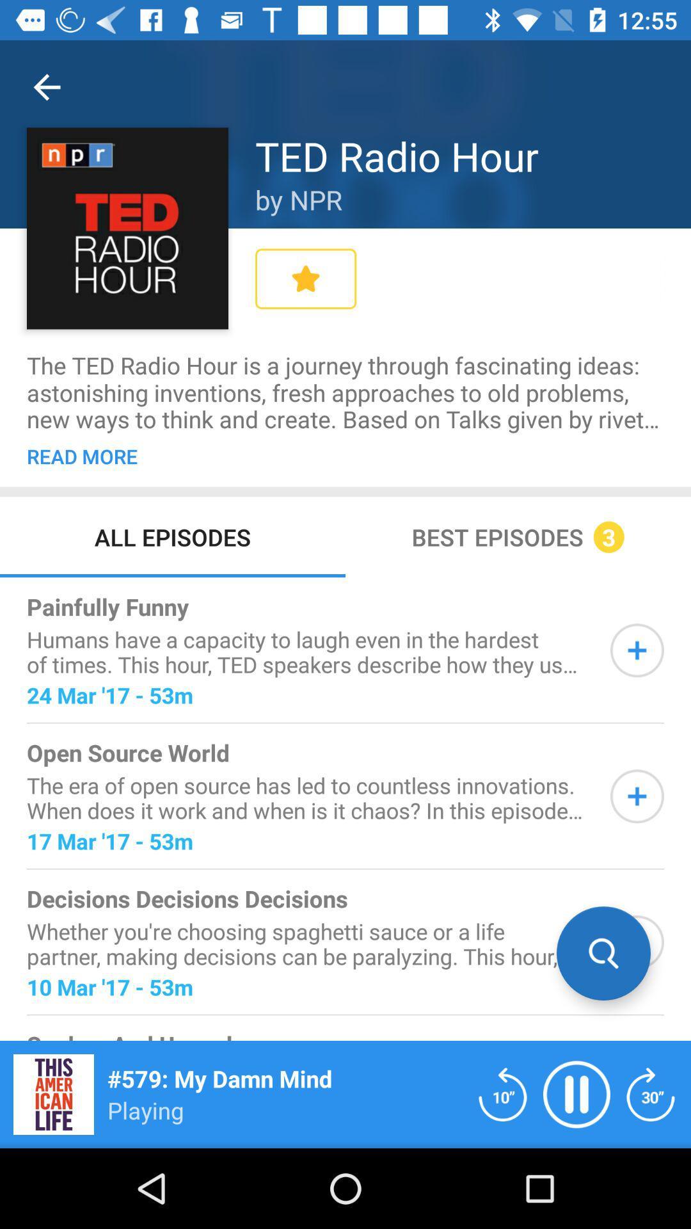 This screenshot has height=1229, width=691. What do you see at coordinates (637, 650) in the screenshot?
I see `symbol` at bounding box center [637, 650].